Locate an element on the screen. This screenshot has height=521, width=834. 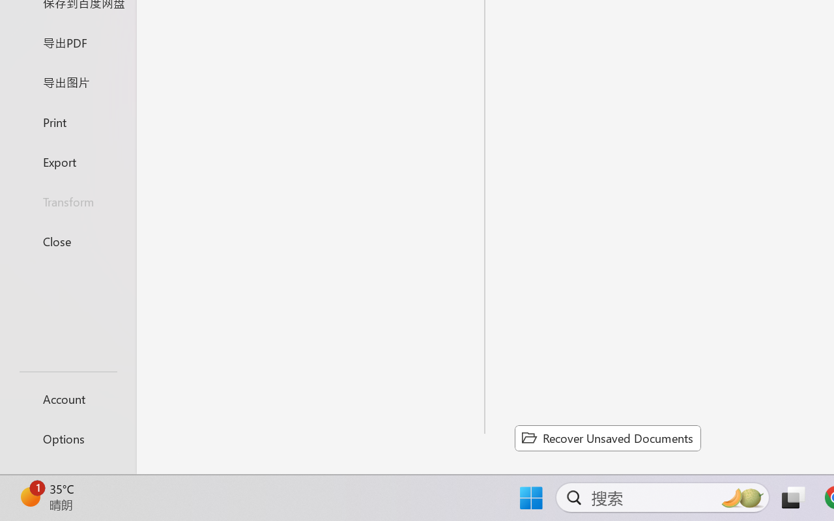
'Transform' is located at coordinates (67, 201).